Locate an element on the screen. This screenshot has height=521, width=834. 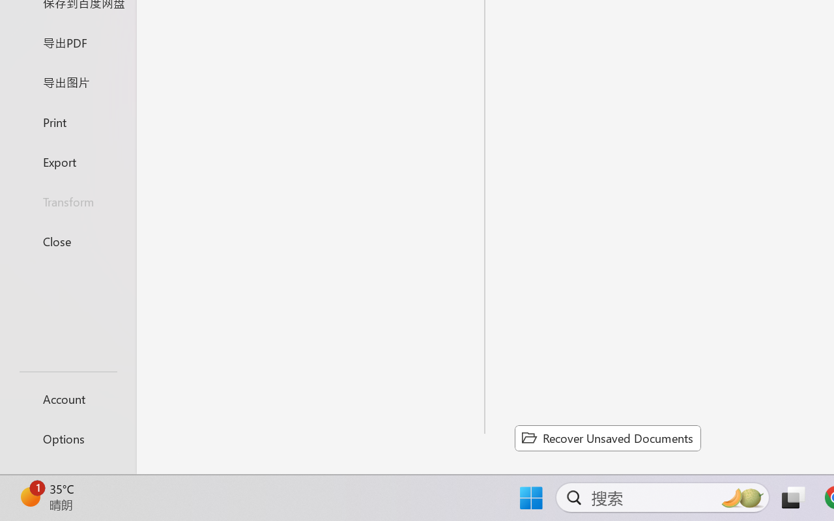
'Transform' is located at coordinates (67, 201).